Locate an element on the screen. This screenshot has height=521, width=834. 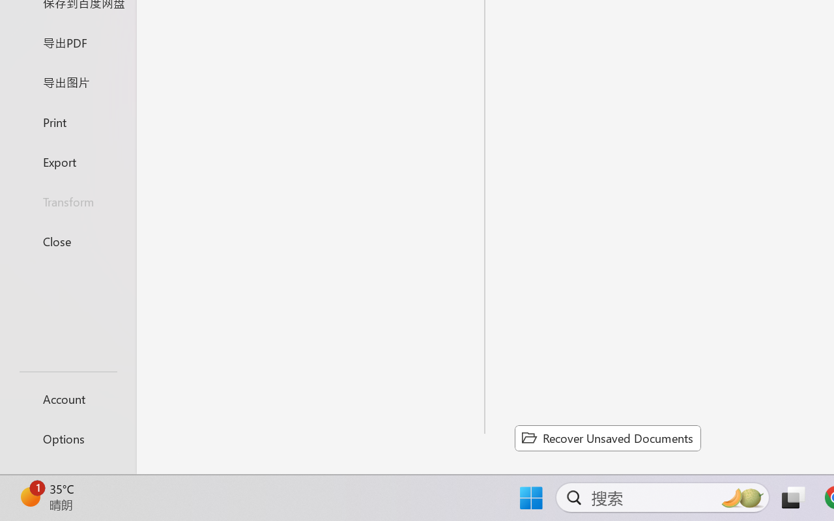
'Transform' is located at coordinates (67, 201).